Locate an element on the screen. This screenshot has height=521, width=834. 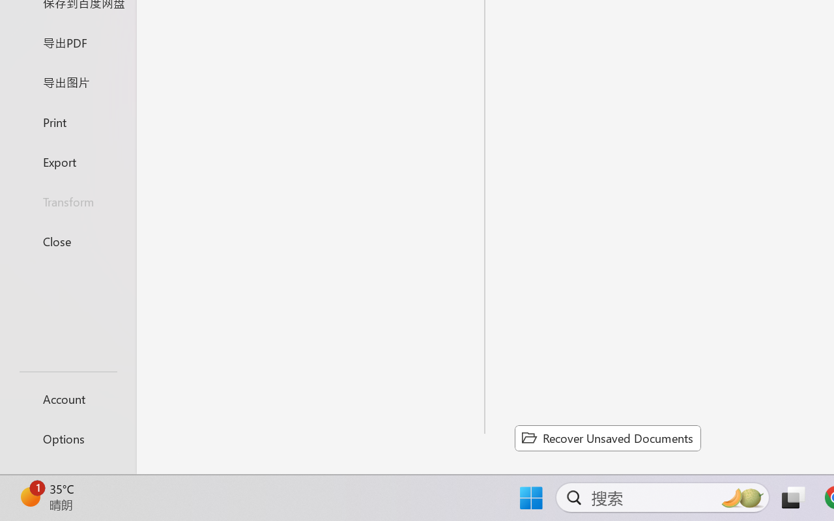
'Transform' is located at coordinates (67, 201).